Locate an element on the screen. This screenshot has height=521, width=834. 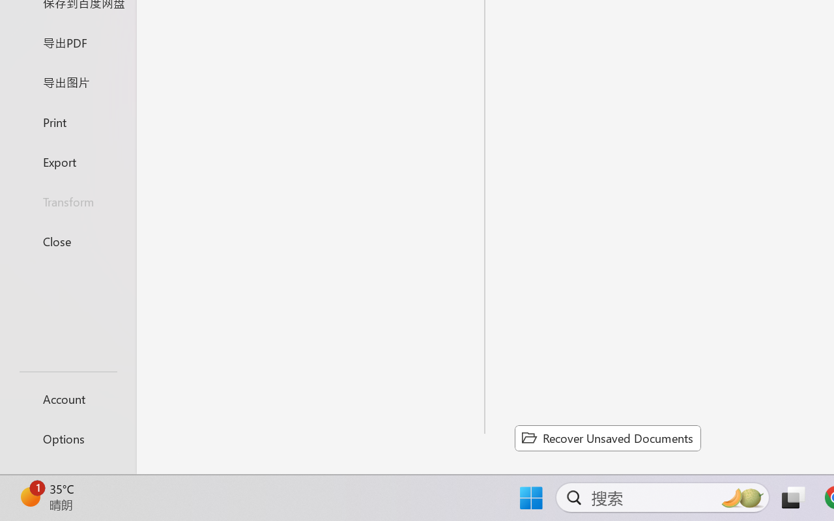
'Transform' is located at coordinates (67, 201).